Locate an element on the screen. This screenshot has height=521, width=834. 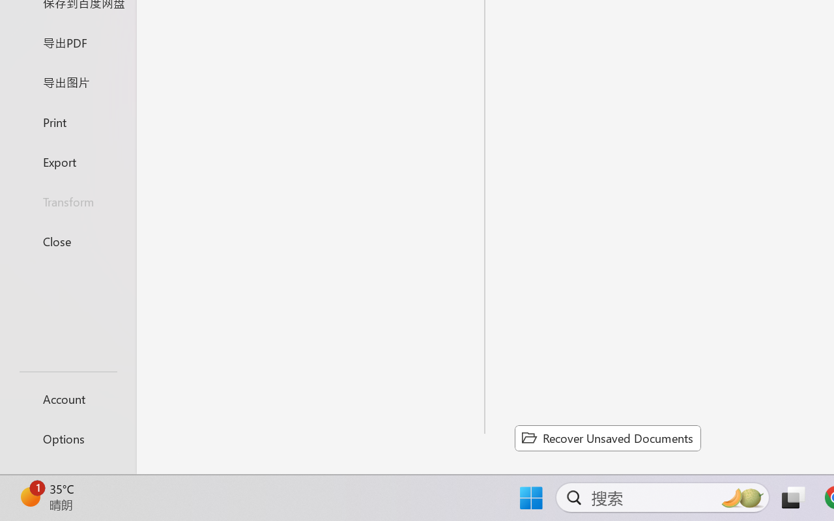
'Transform' is located at coordinates (67, 201).